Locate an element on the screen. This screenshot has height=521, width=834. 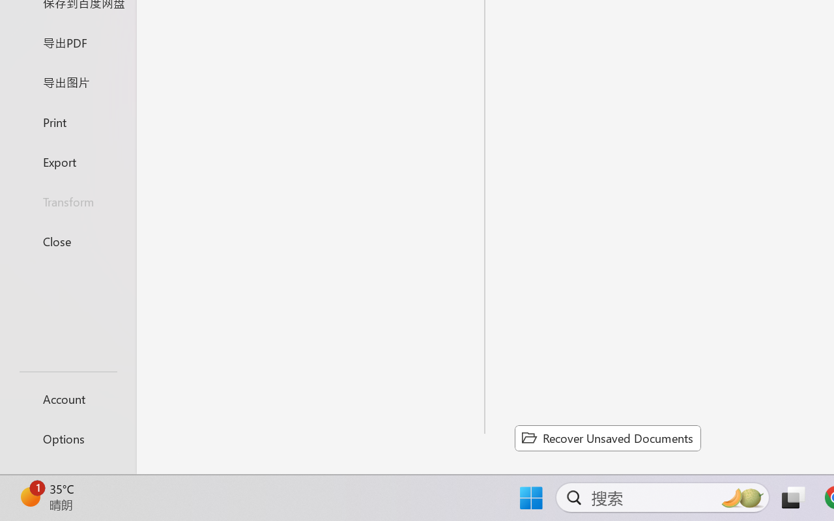
'Transform' is located at coordinates (67, 201).